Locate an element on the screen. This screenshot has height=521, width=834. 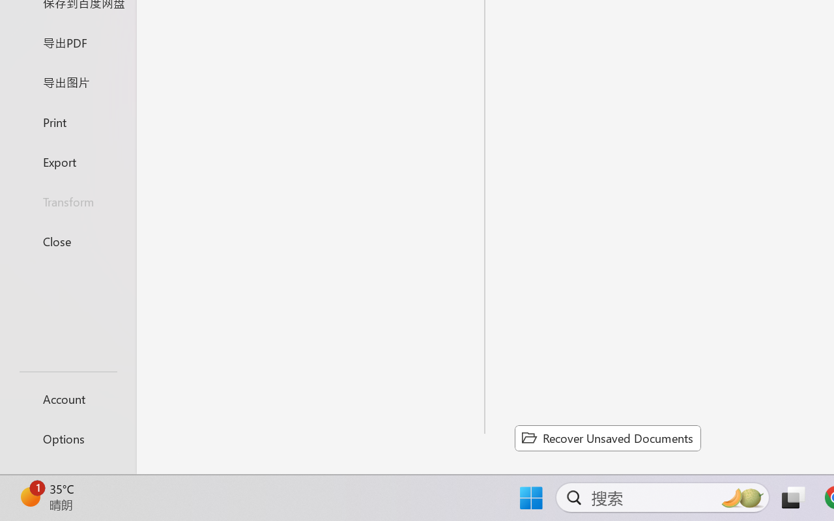
'Transform' is located at coordinates (67, 201).